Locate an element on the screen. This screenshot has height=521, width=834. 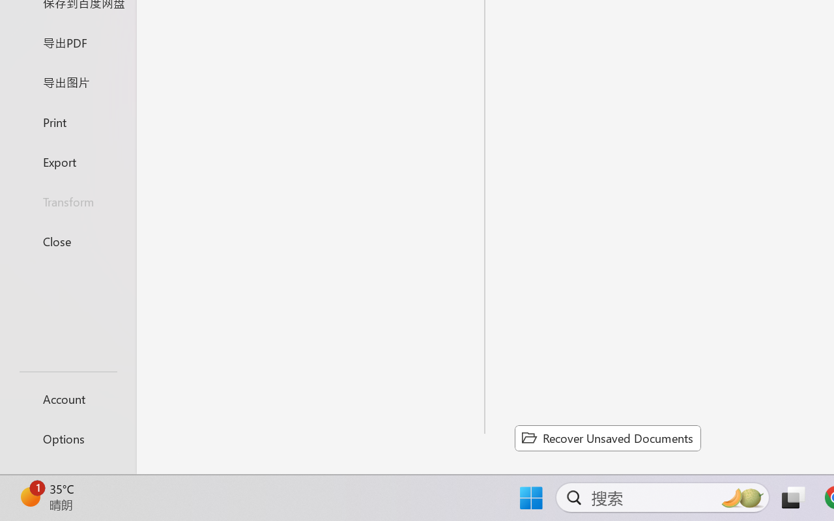
'Transform' is located at coordinates (67, 201).